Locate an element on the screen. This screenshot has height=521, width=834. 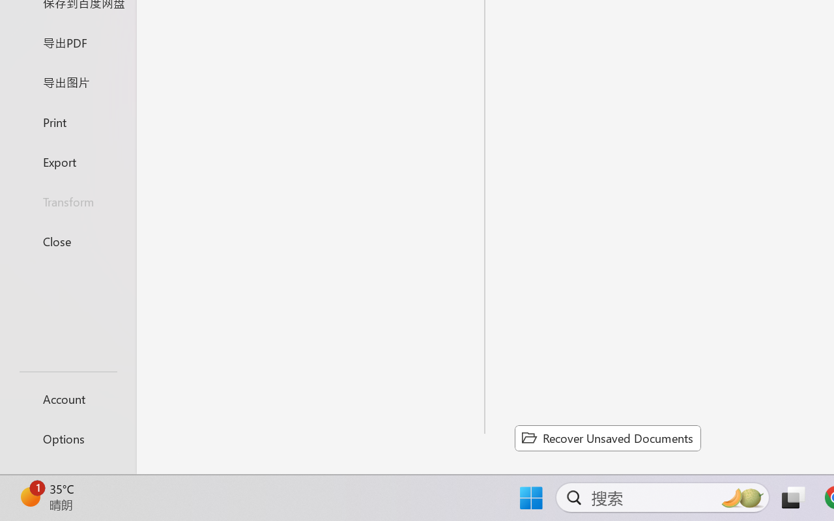
'Transform' is located at coordinates (67, 201).